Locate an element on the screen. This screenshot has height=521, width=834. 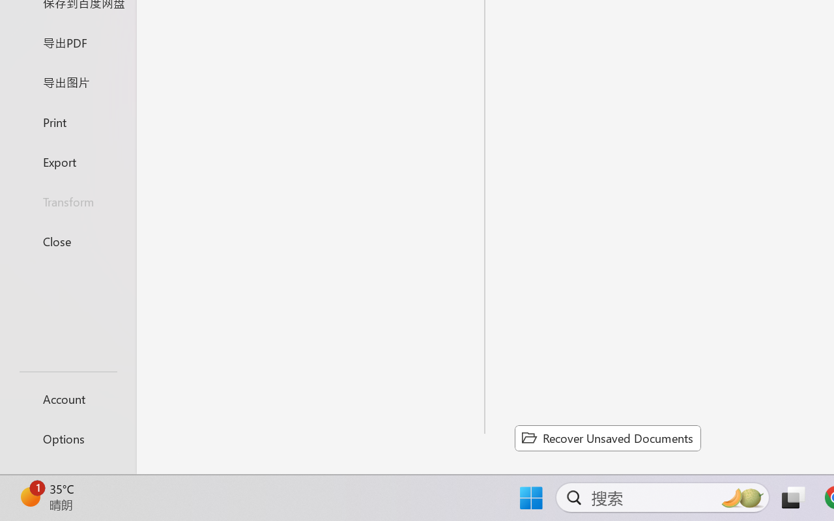
'Transform' is located at coordinates (67, 201).